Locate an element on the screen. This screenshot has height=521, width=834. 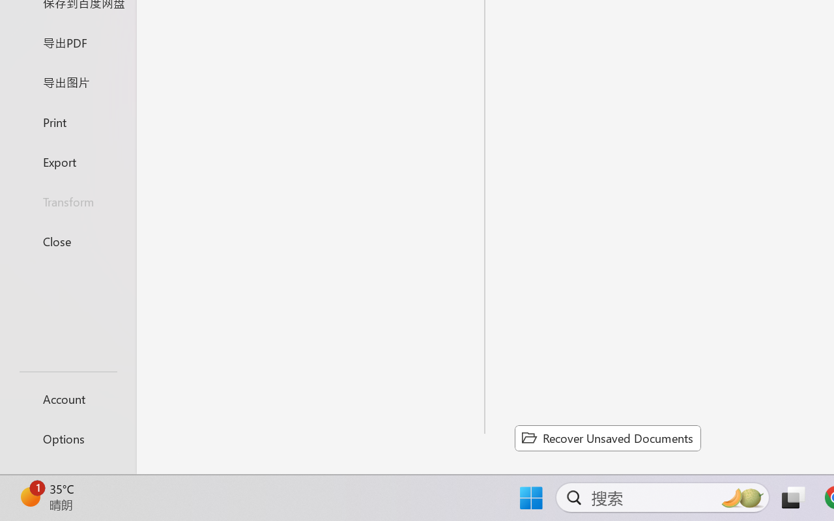
'Transform' is located at coordinates (67, 201).